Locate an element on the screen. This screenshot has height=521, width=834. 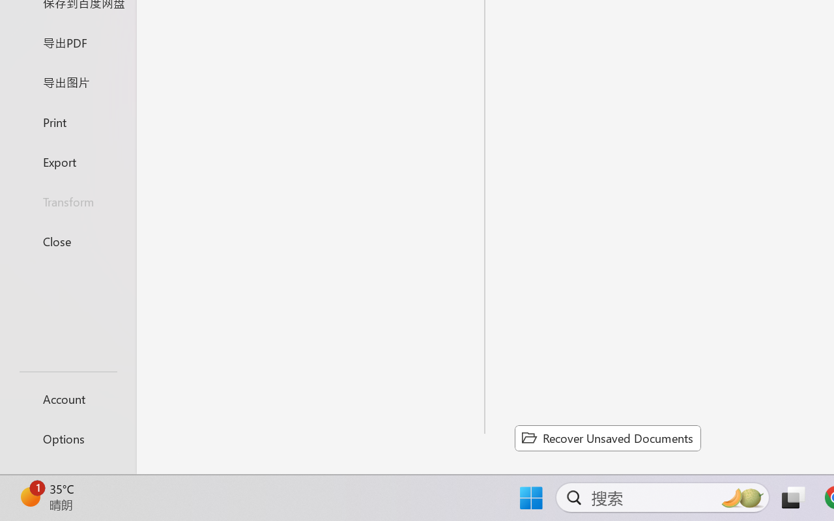
'Transform' is located at coordinates (67, 201).